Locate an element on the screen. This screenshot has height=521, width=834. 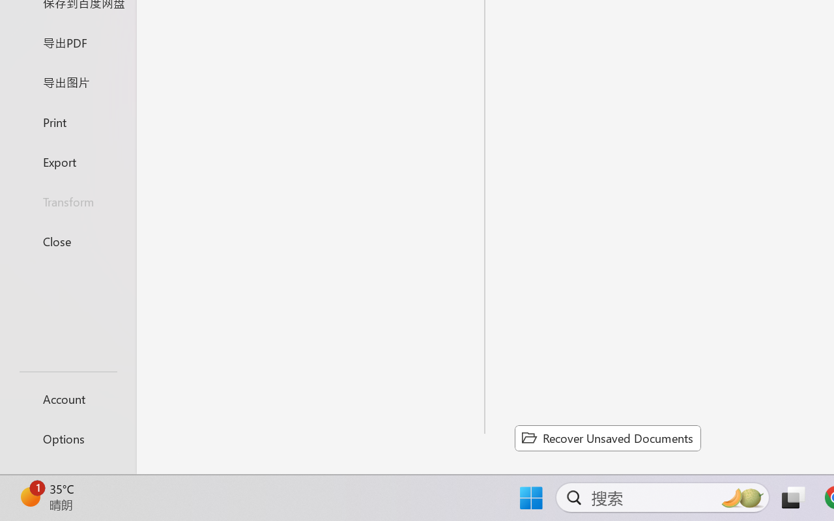
'Transform' is located at coordinates (67, 201).